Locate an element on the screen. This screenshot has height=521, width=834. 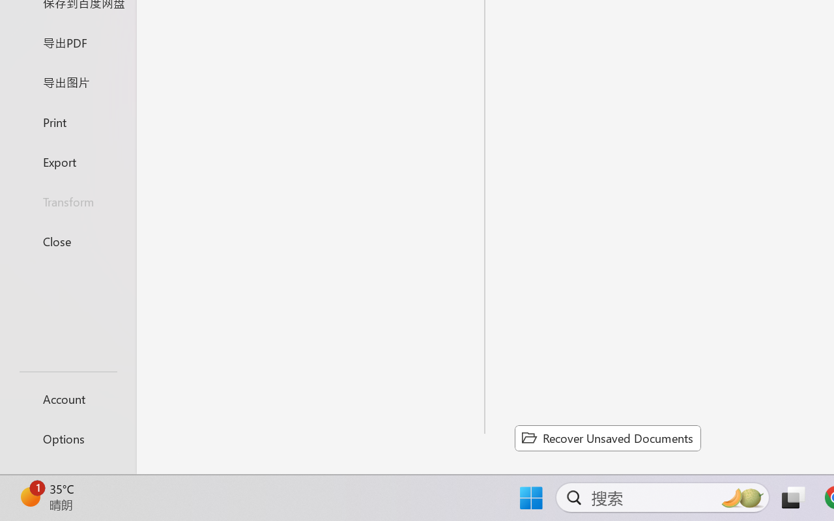
'Transform' is located at coordinates (67, 201).